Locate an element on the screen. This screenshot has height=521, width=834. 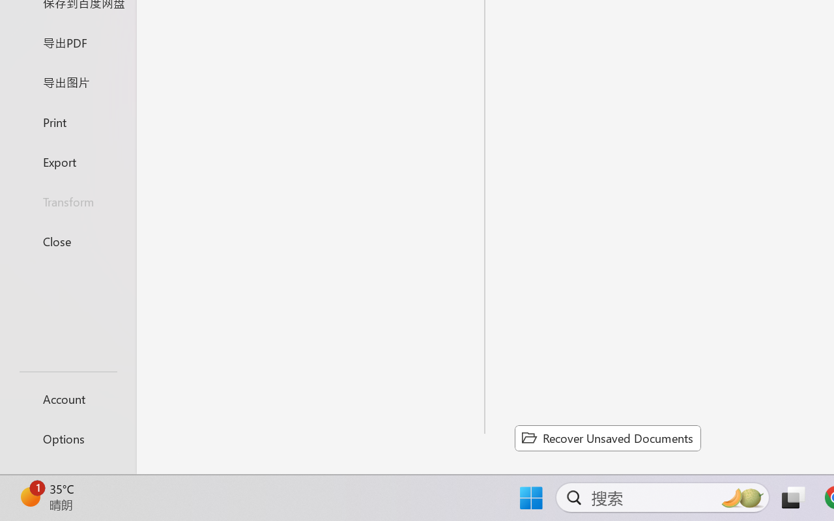
'Transform' is located at coordinates (67, 201).